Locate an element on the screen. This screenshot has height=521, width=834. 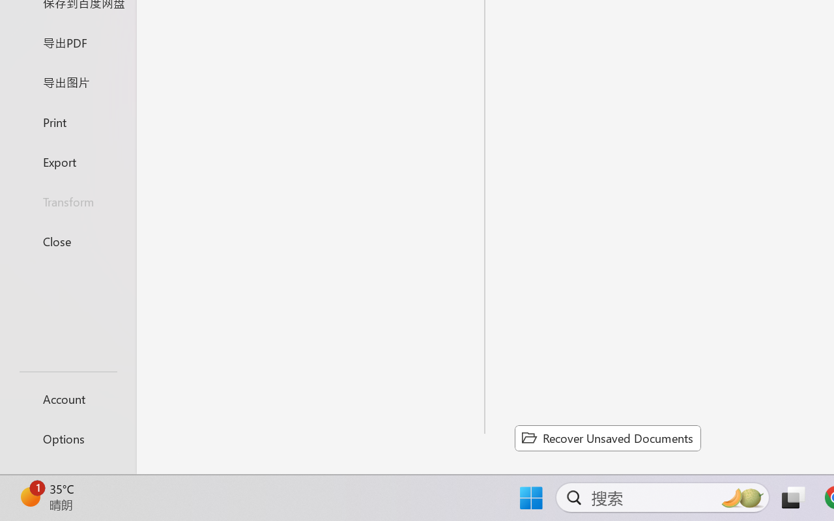
'Transform' is located at coordinates (67, 201).